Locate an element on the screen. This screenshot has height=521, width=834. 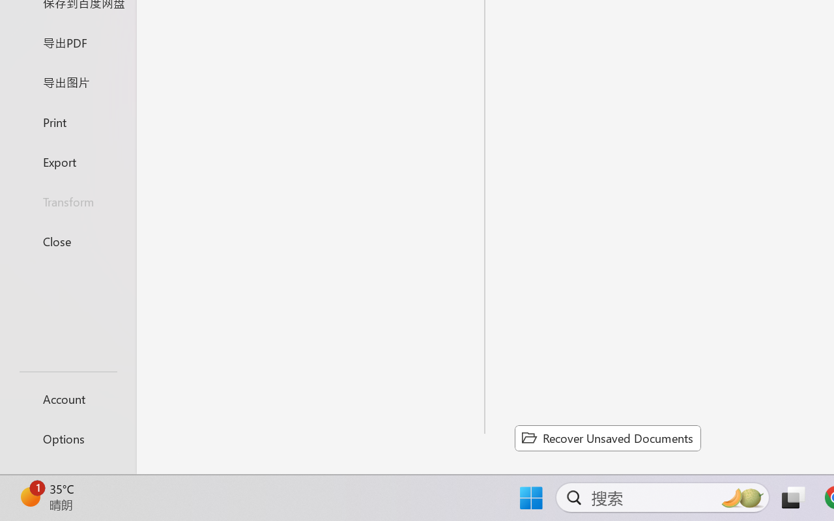
'Transform' is located at coordinates (67, 201).